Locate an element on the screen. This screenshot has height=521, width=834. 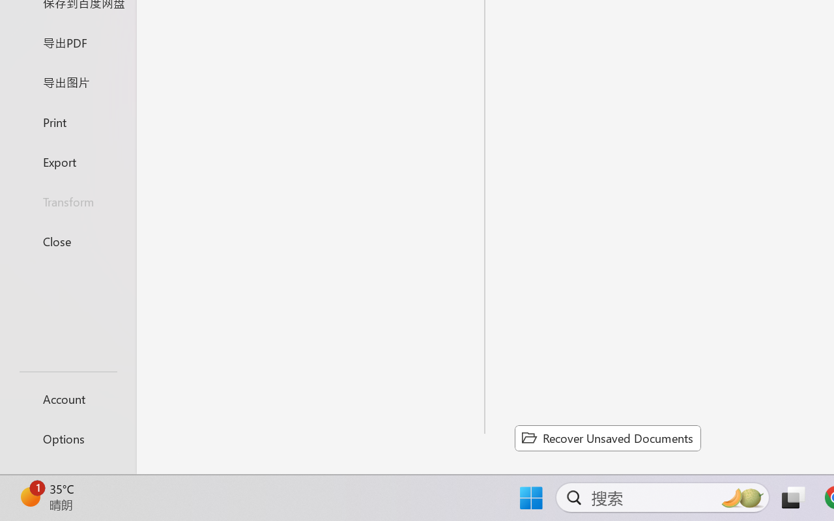
'Transform' is located at coordinates (67, 201).